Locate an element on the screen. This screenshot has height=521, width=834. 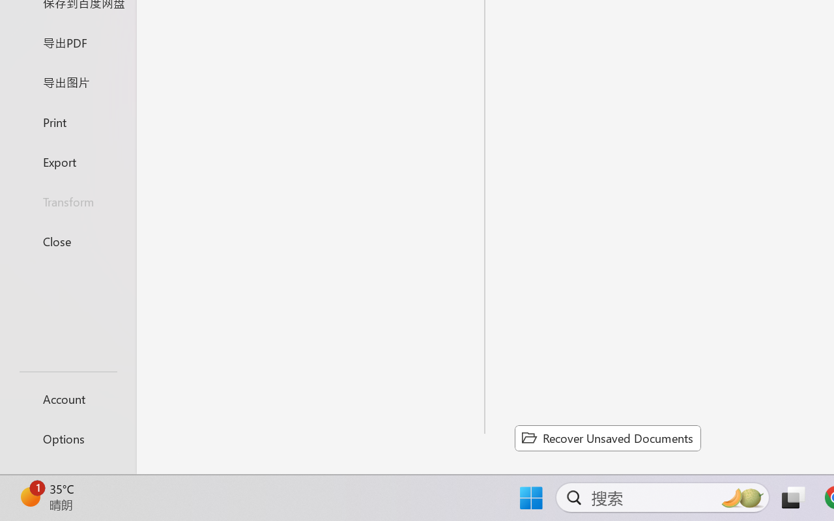
'Transform' is located at coordinates (67, 201).